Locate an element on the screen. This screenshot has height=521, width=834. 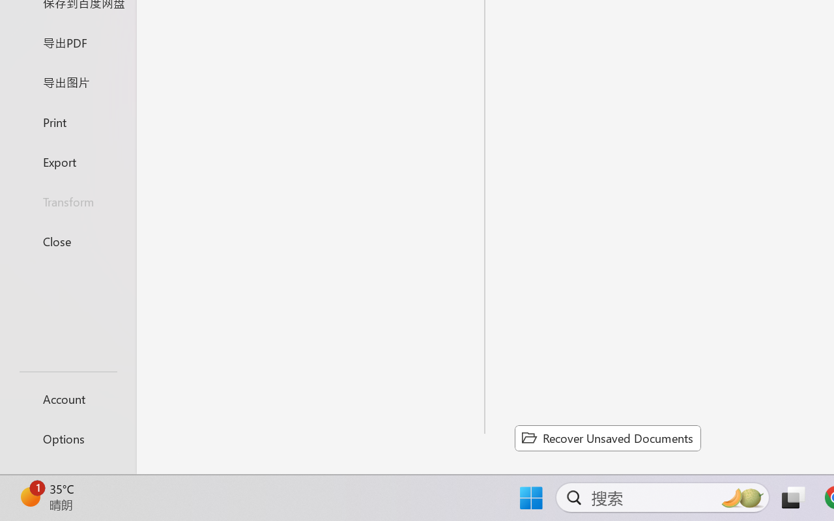
'Transform' is located at coordinates (67, 201).